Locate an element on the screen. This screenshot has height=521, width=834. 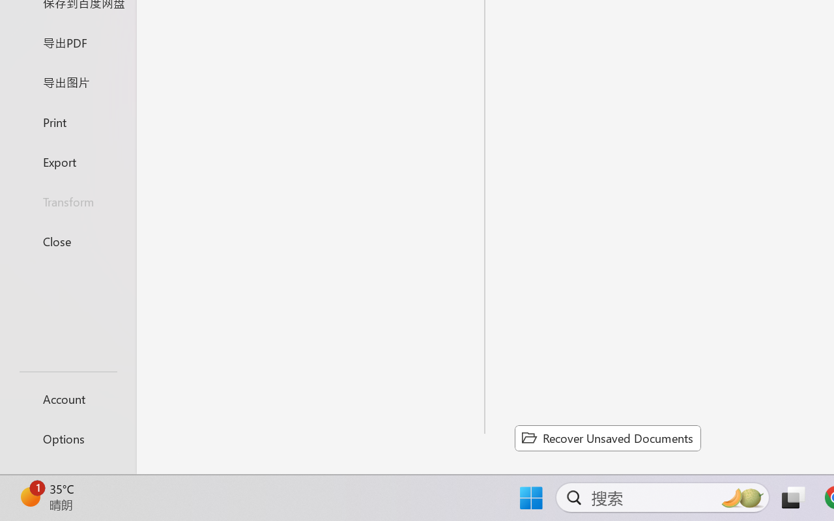
'Transform' is located at coordinates (67, 201).